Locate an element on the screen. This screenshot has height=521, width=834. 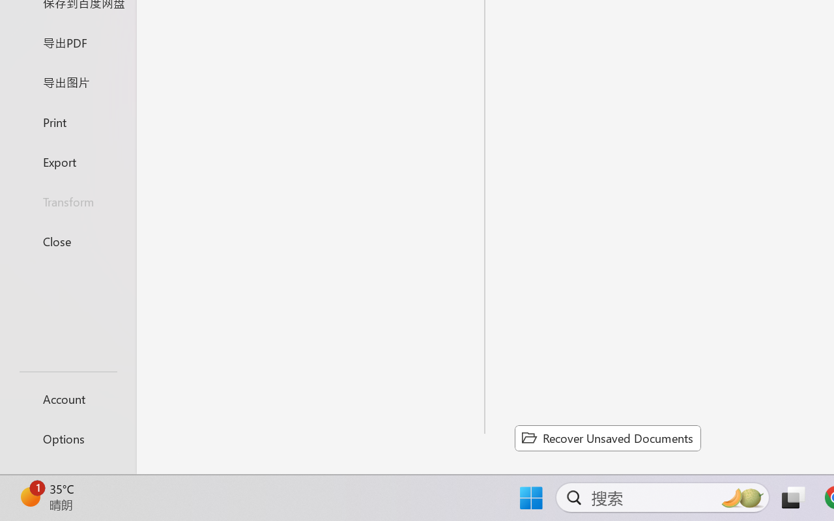
'Transform' is located at coordinates (67, 201).